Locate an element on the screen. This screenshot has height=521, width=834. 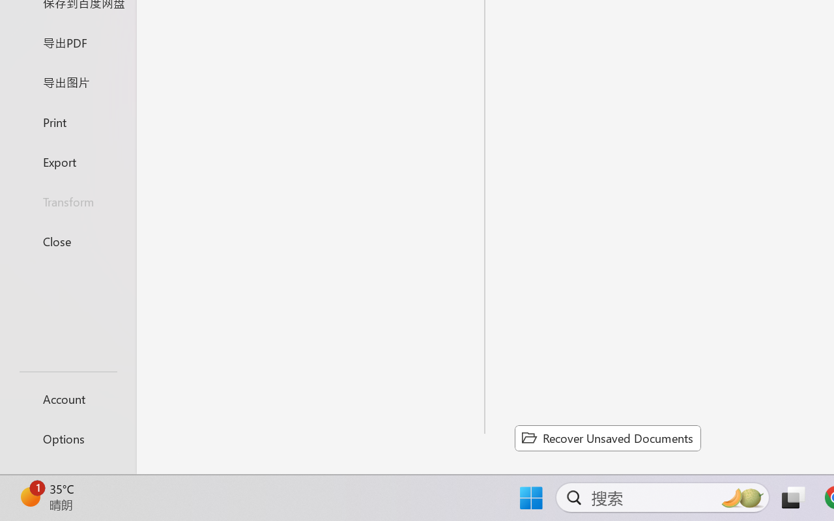
'Transform' is located at coordinates (67, 201).